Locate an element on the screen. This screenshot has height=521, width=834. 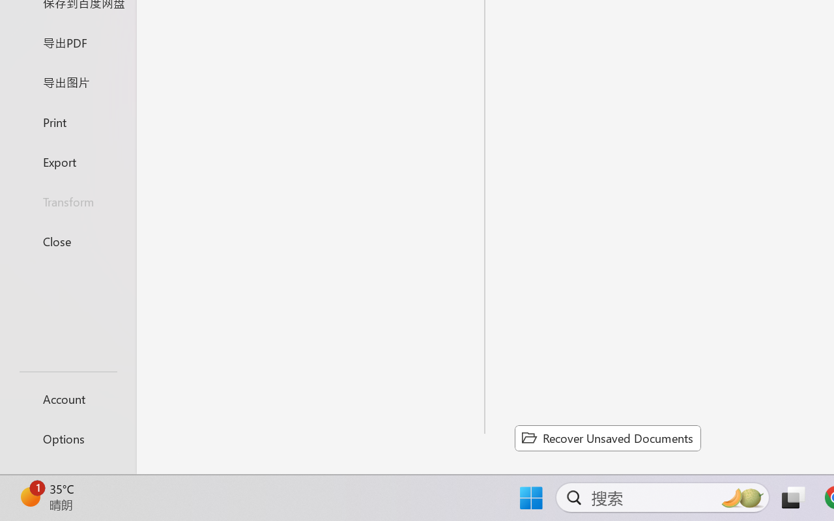
'Transform' is located at coordinates (67, 201).